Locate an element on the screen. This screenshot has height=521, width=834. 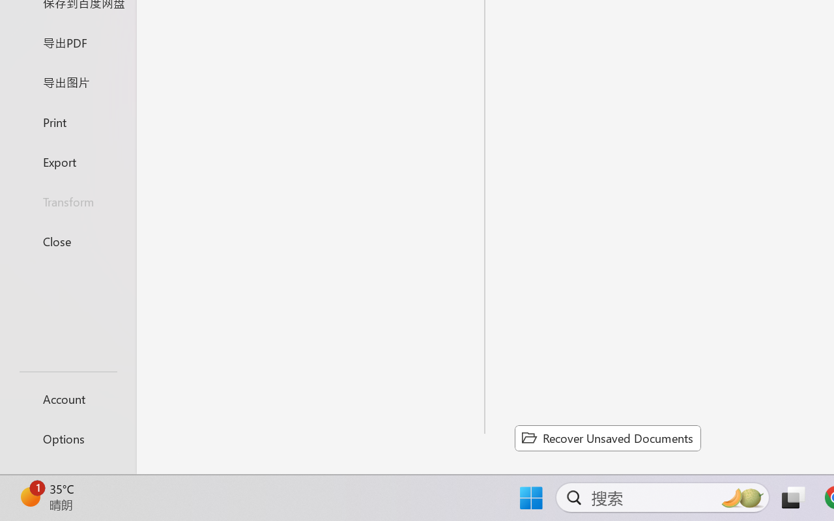
'Transform' is located at coordinates (67, 201).